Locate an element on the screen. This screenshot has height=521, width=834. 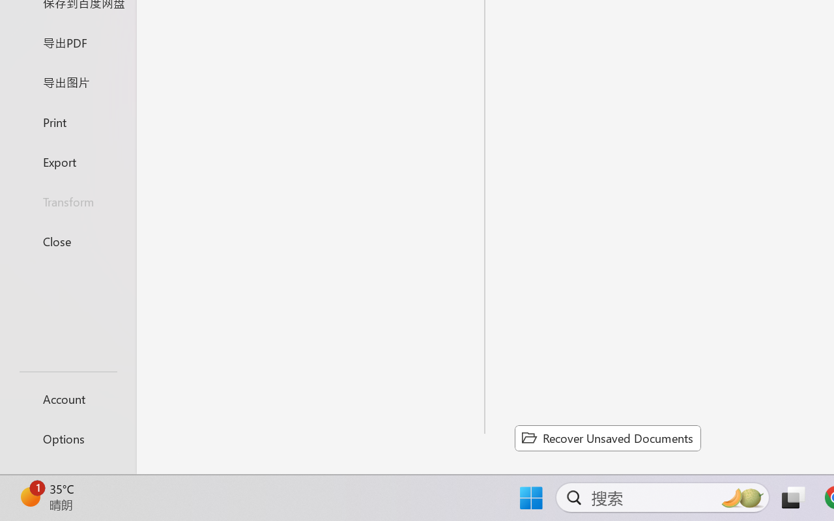
'Transform' is located at coordinates (67, 201).